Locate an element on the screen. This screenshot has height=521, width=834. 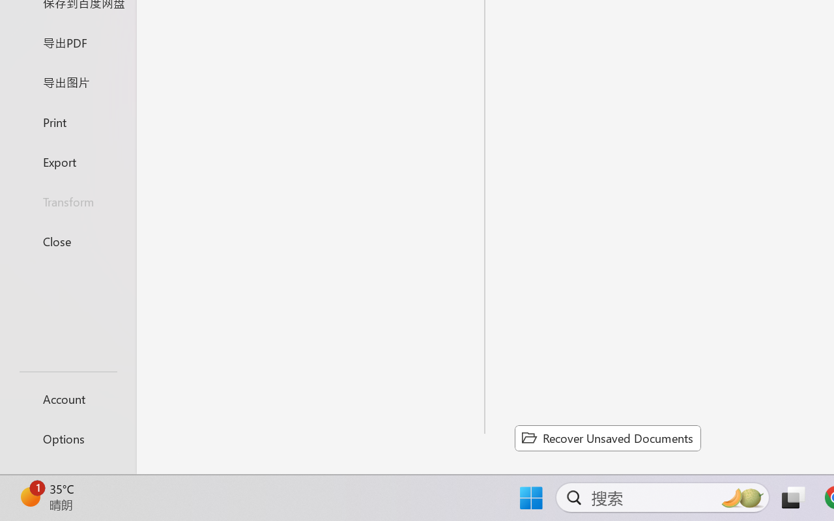
'Transform' is located at coordinates (67, 201).